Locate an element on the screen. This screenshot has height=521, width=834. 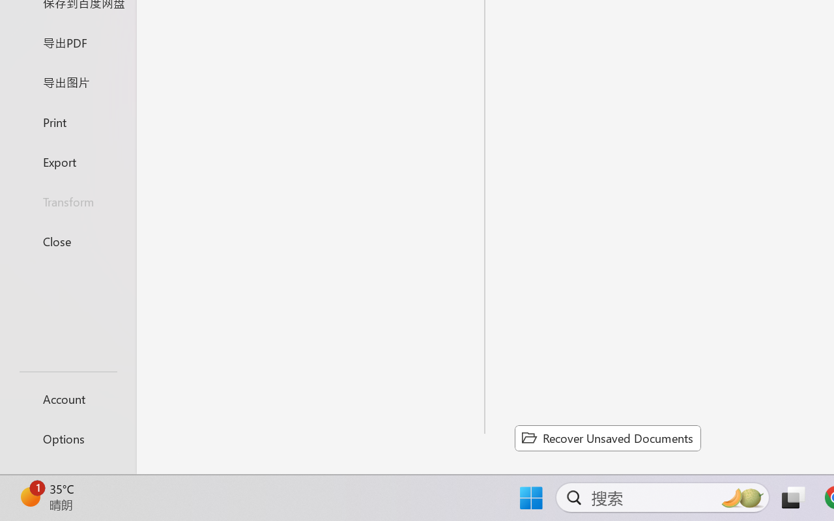
'Transform' is located at coordinates (67, 201).